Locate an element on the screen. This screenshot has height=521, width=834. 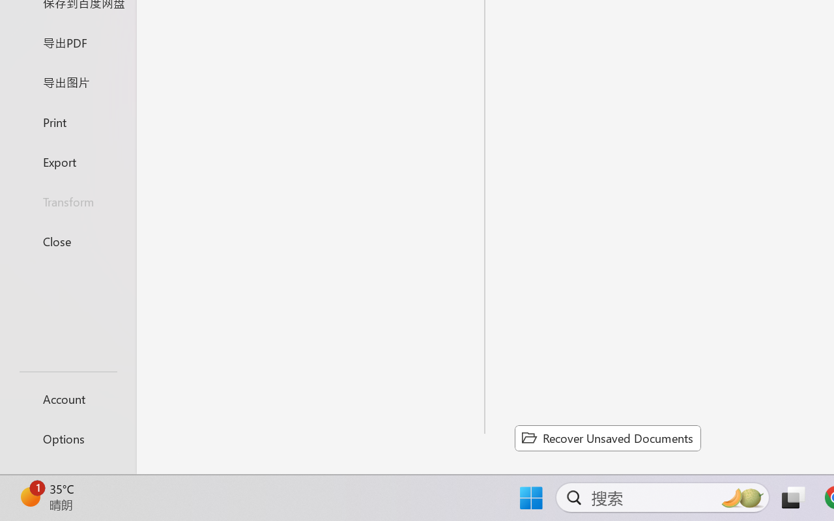
'Transform' is located at coordinates (67, 201).